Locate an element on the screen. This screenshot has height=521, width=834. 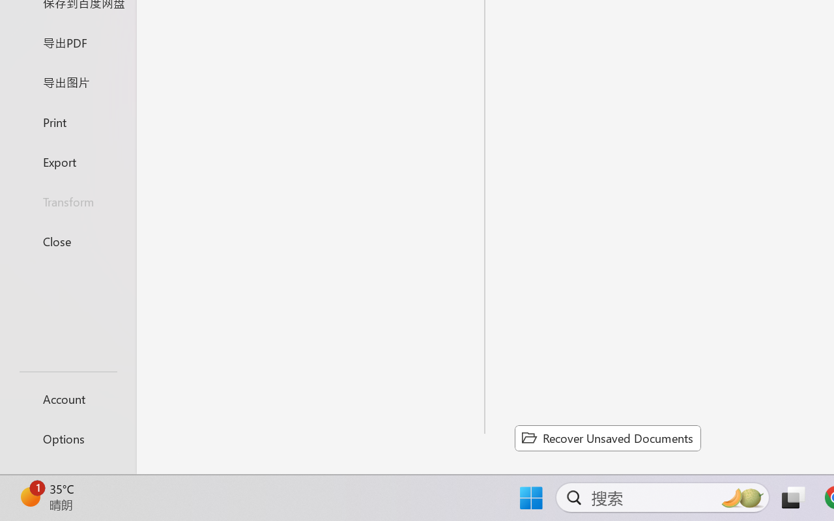
'Transform' is located at coordinates (67, 201).